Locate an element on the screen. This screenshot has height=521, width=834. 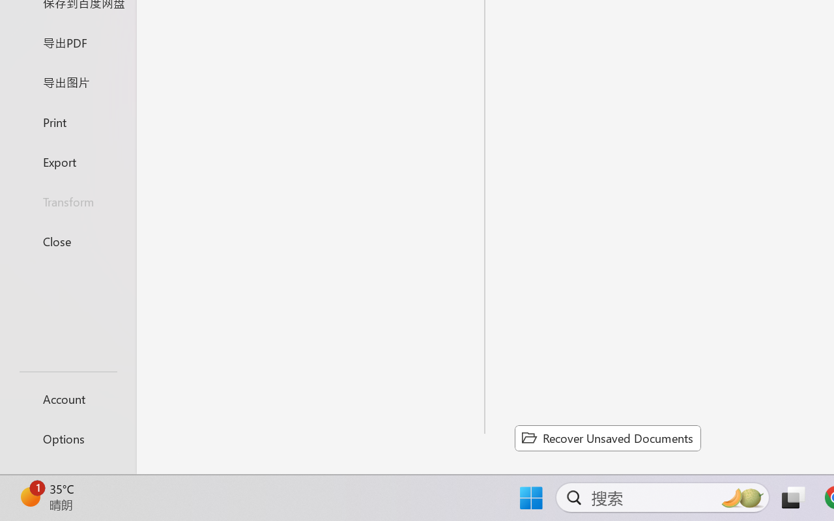
'Transform' is located at coordinates (67, 201).